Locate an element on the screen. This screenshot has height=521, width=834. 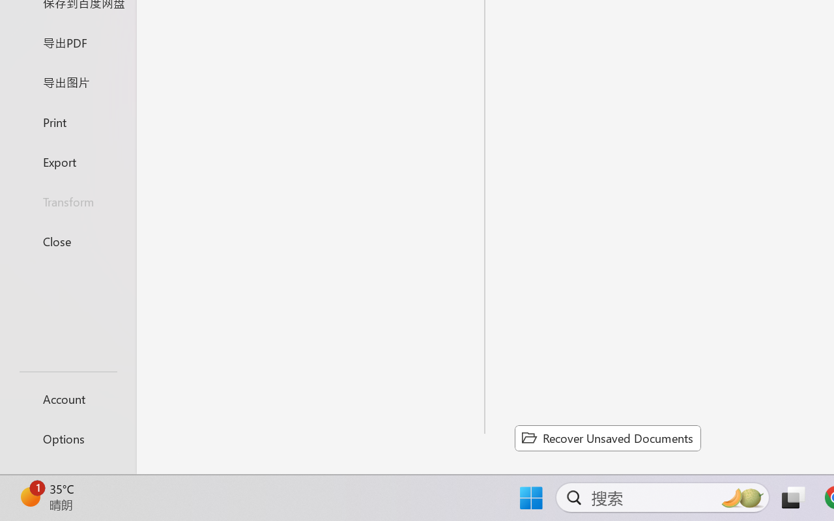
'Transform' is located at coordinates (67, 201).